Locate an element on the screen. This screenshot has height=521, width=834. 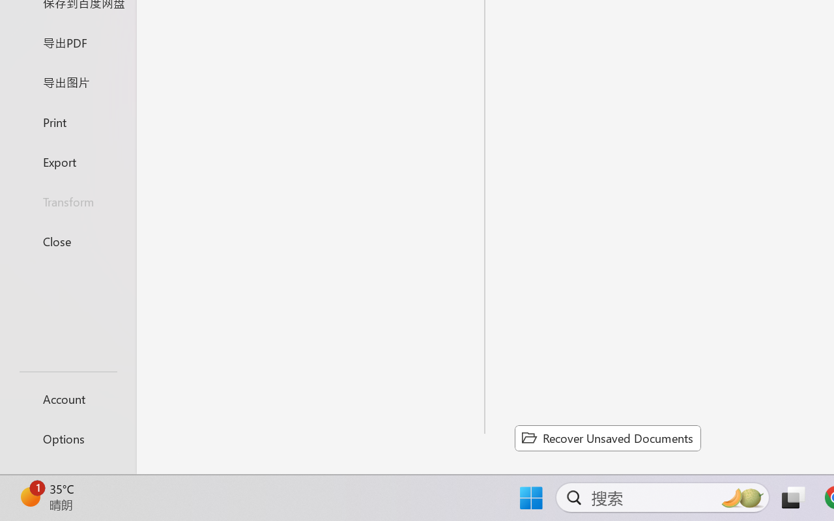
'Transform' is located at coordinates (67, 201).